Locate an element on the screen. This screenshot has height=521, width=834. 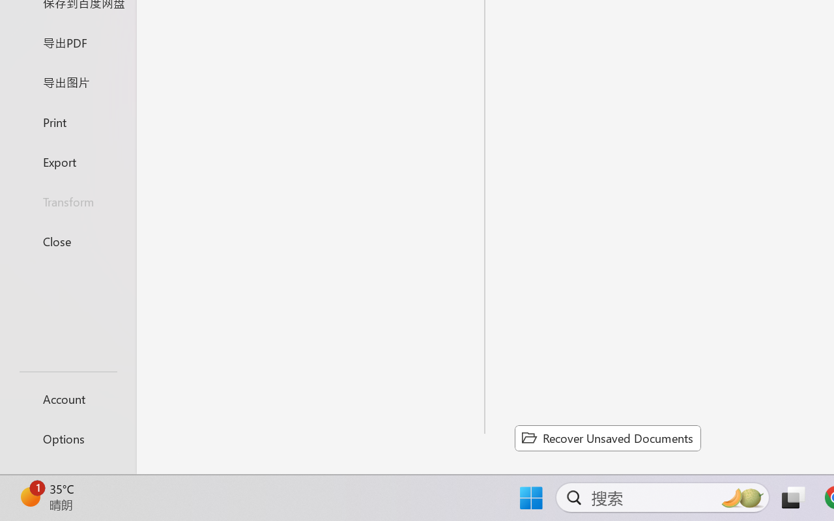
'Transform' is located at coordinates (67, 201).